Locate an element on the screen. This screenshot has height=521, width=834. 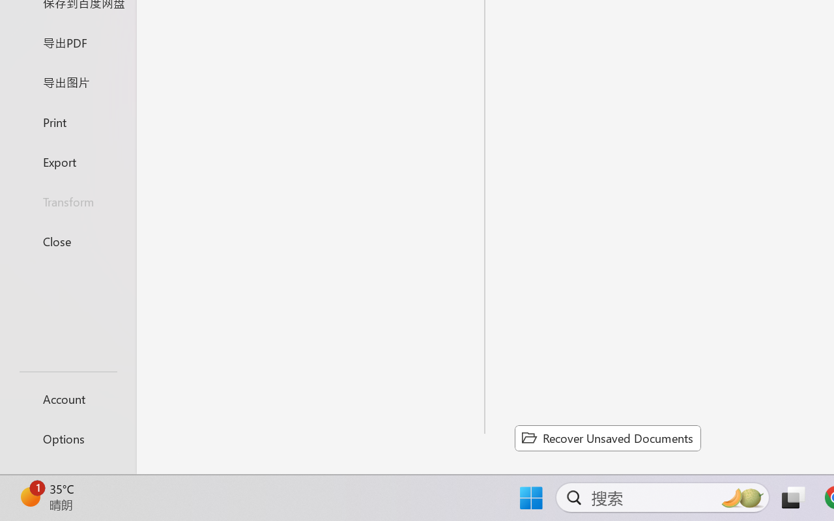
'Transform' is located at coordinates (67, 201).